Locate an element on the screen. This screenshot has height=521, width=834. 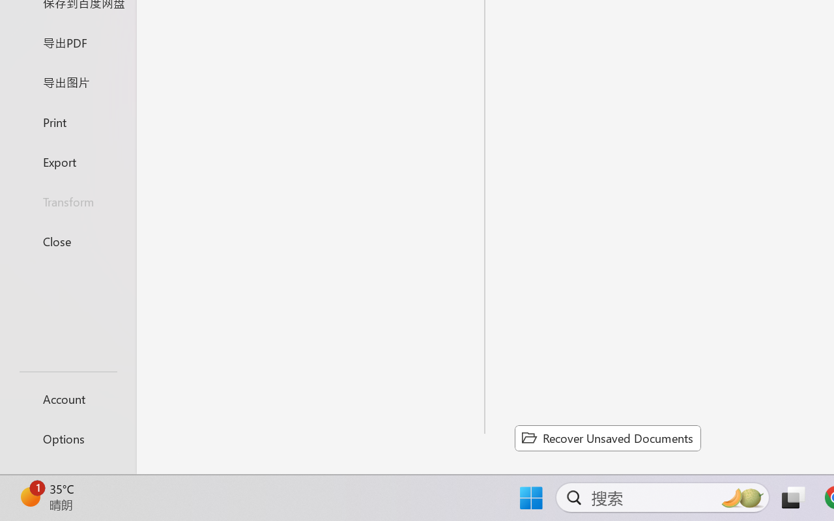
'Transform' is located at coordinates (67, 201).